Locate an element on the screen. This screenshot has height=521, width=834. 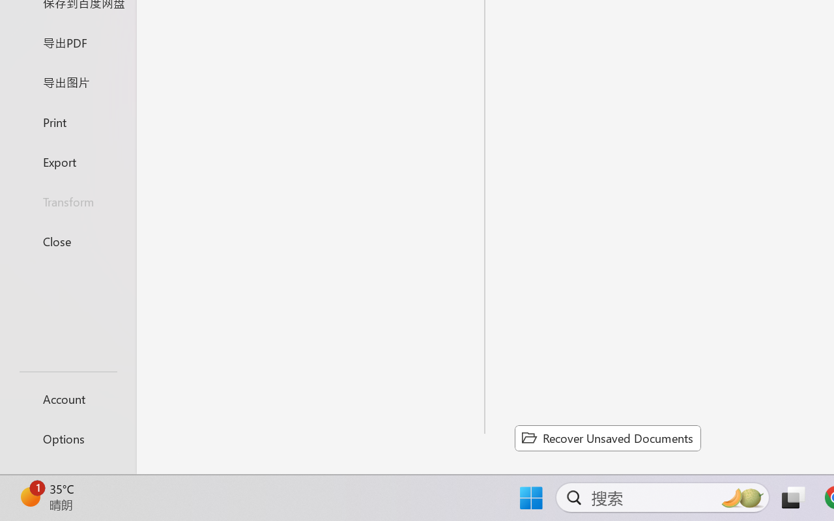
'Transform' is located at coordinates (67, 201).